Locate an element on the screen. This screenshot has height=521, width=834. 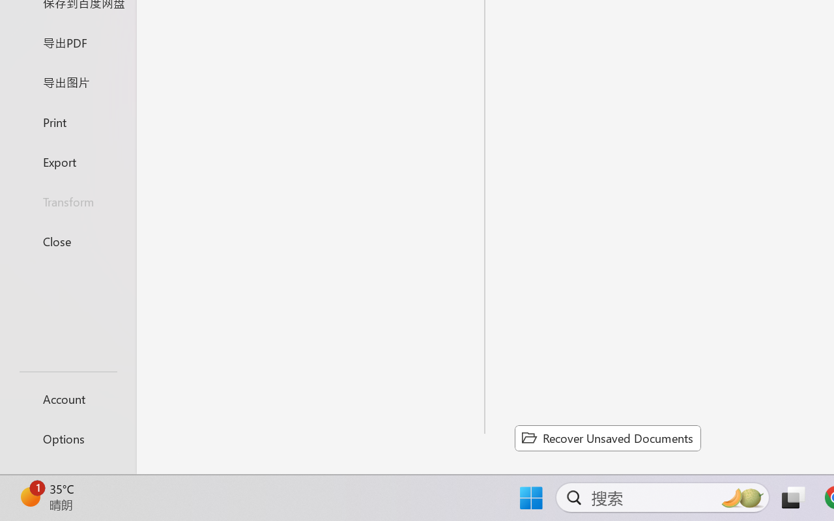
'Transform' is located at coordinates (67, 201).